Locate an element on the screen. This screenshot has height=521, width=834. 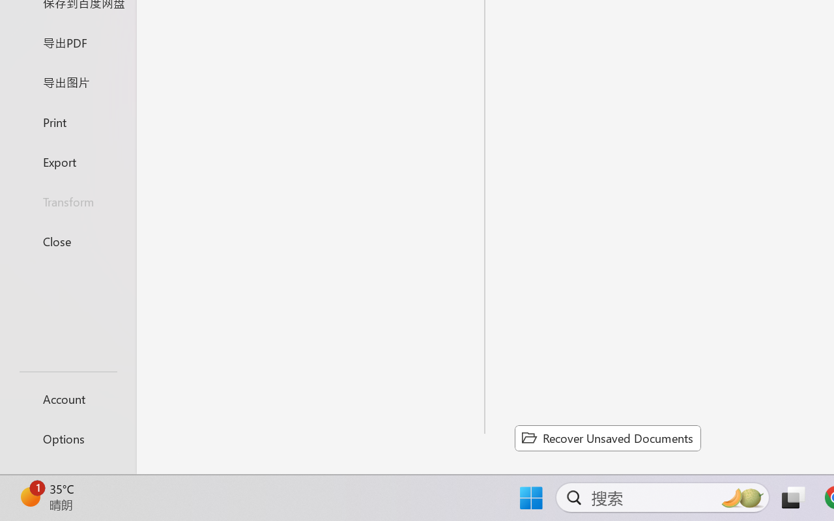
'Transform' is located at coordinates (67, 201).